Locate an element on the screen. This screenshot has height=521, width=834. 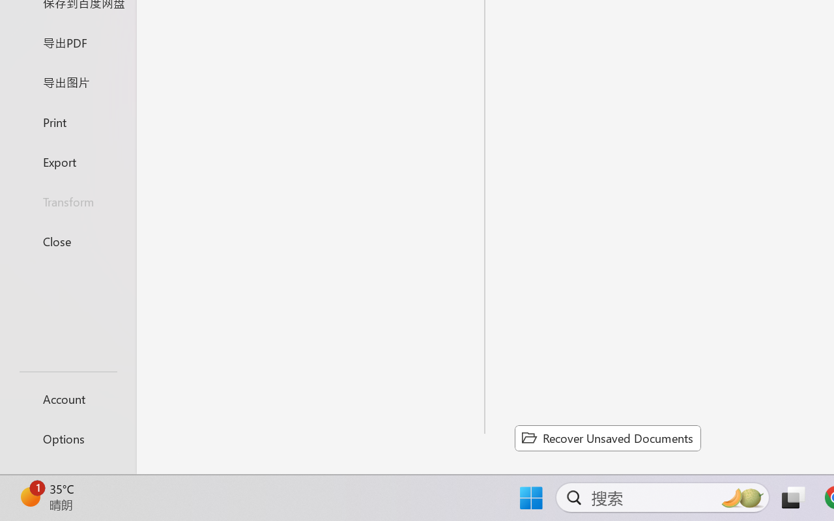
'Transform' is located at coordinates (67, 201).